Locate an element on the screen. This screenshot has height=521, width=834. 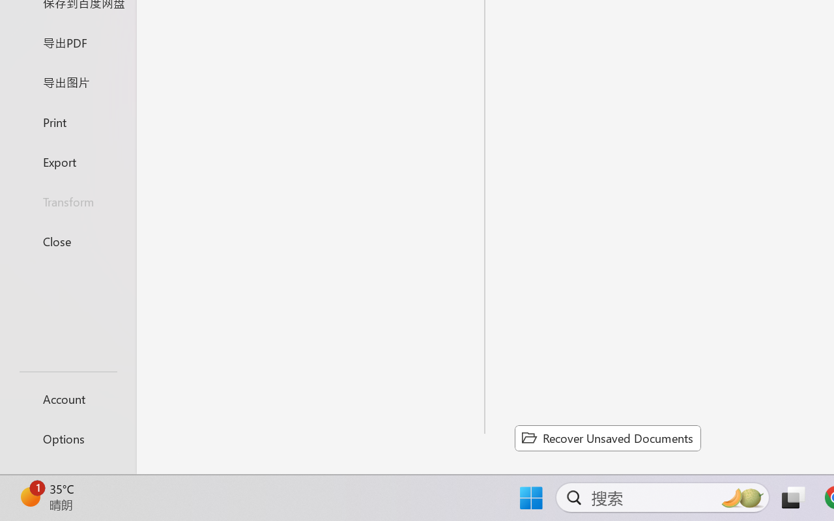
'Transform' is located at coordinates (67, 201).